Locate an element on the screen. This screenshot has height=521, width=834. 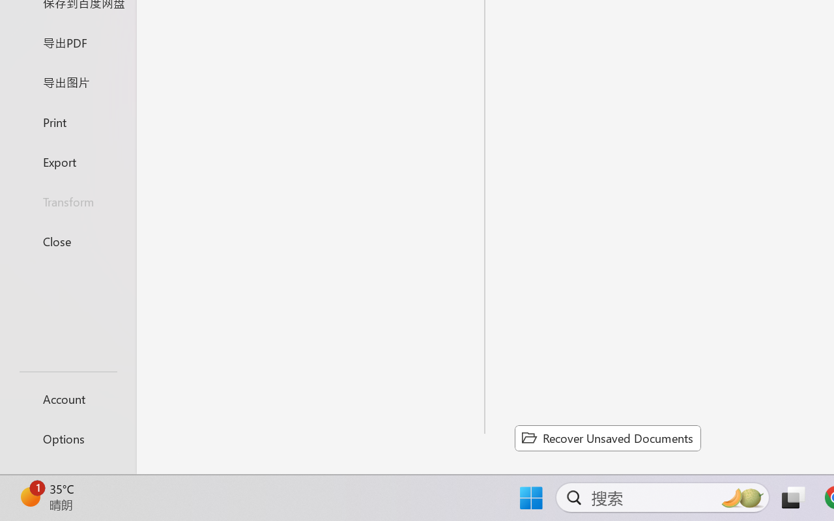
'Transform' is located at coordinates (67, 201).